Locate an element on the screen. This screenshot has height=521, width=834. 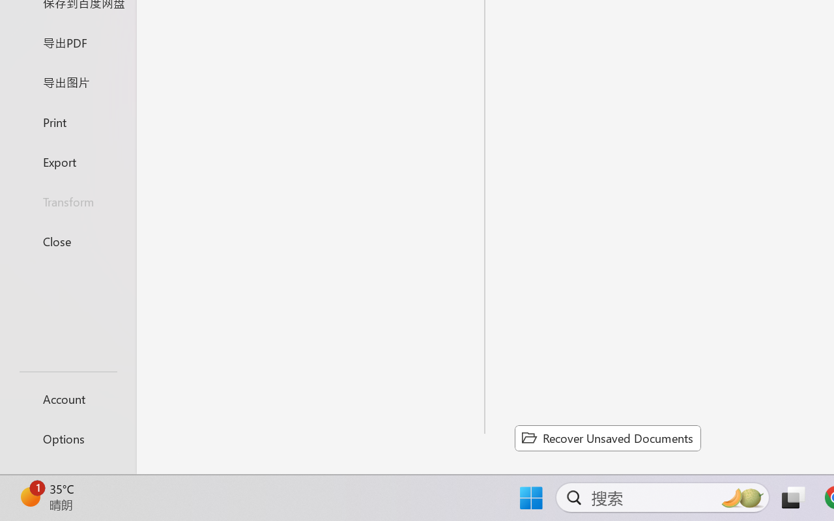
'Transform' is located at coordinates (67, 201).